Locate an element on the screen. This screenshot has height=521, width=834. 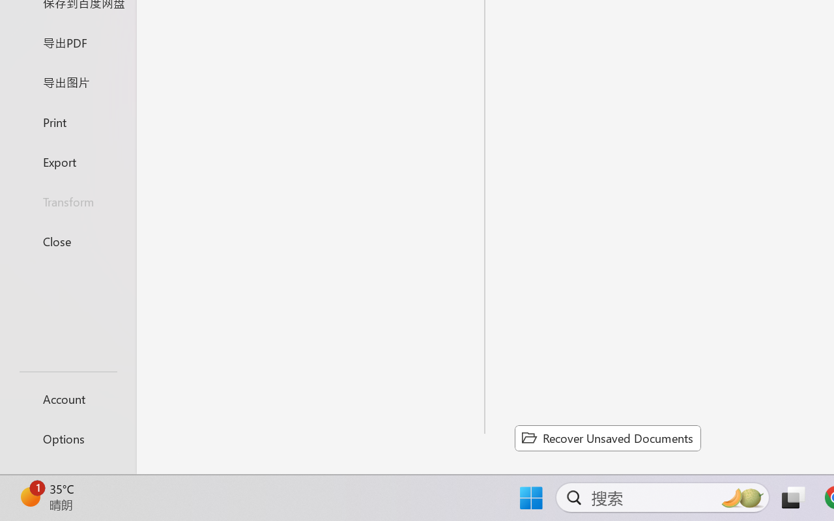
'Transform' is located at coordinates (67, 201).